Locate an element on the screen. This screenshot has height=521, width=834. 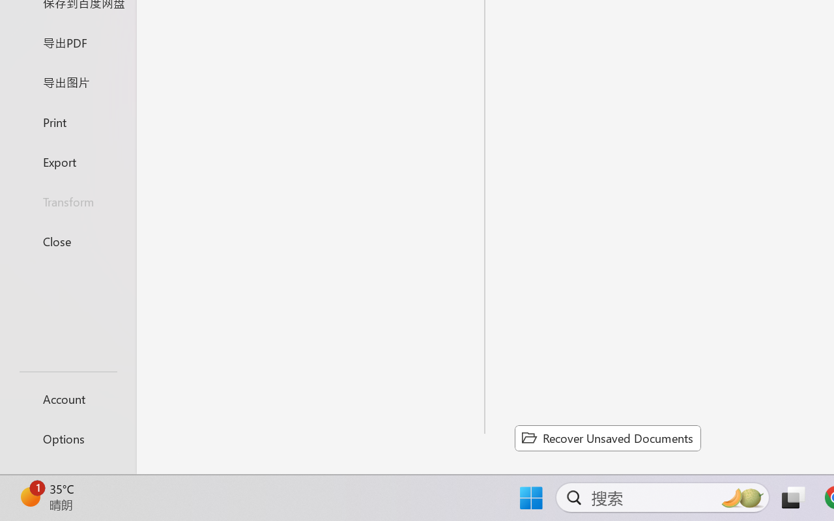
'Transform' is located at coordinates (67, 201).